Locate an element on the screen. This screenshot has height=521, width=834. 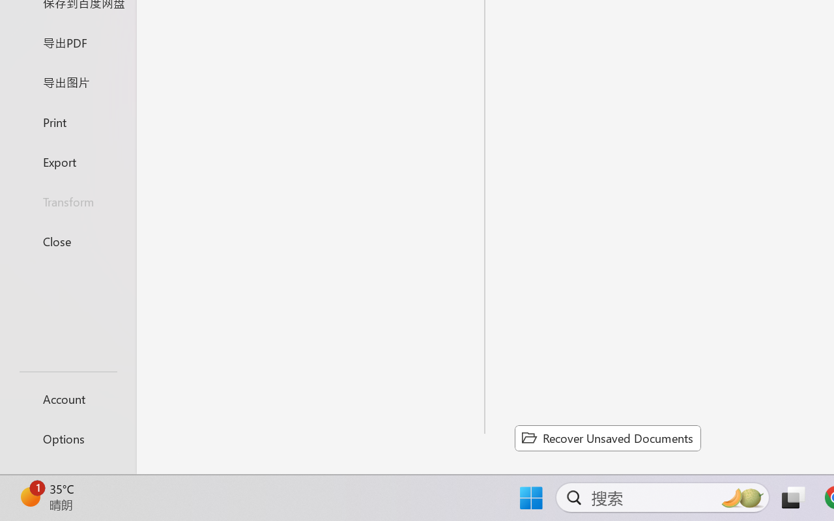
'Transform' is located at coordinates (67, 201).